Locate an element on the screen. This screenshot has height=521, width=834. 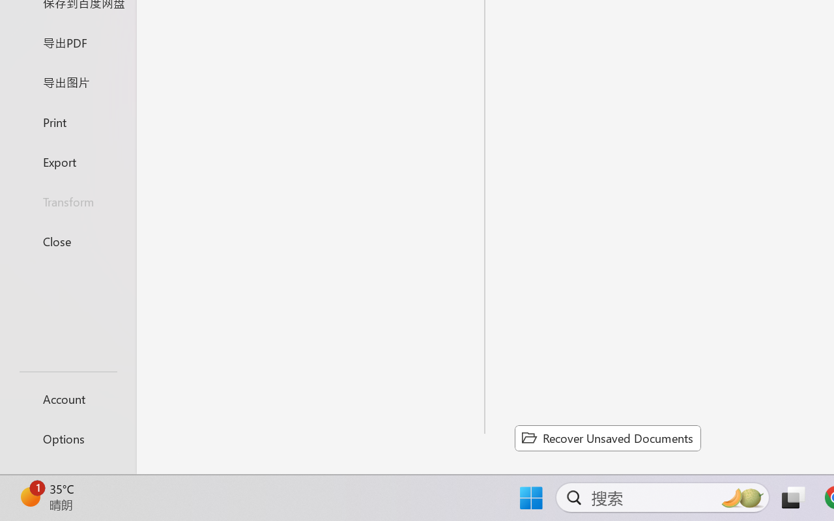
'Transform' is located at coordinates (67, 201).